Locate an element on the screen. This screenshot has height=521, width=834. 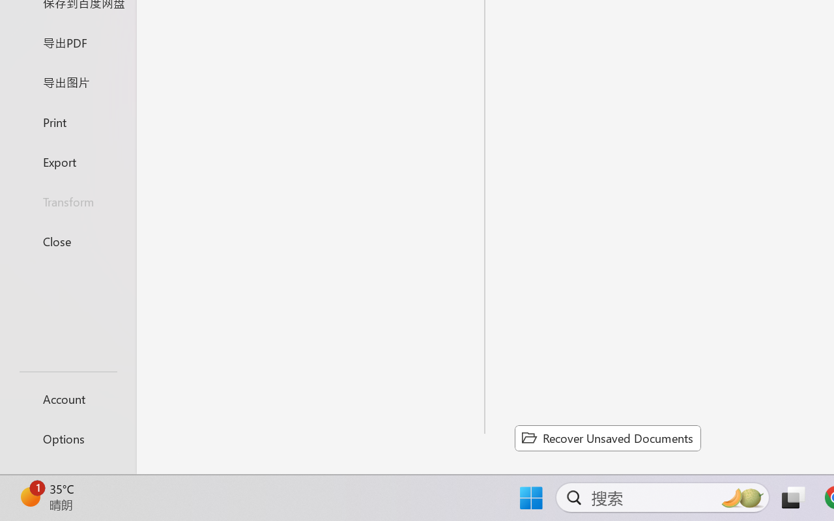
'Transform' is located at coordinates (67, 201).